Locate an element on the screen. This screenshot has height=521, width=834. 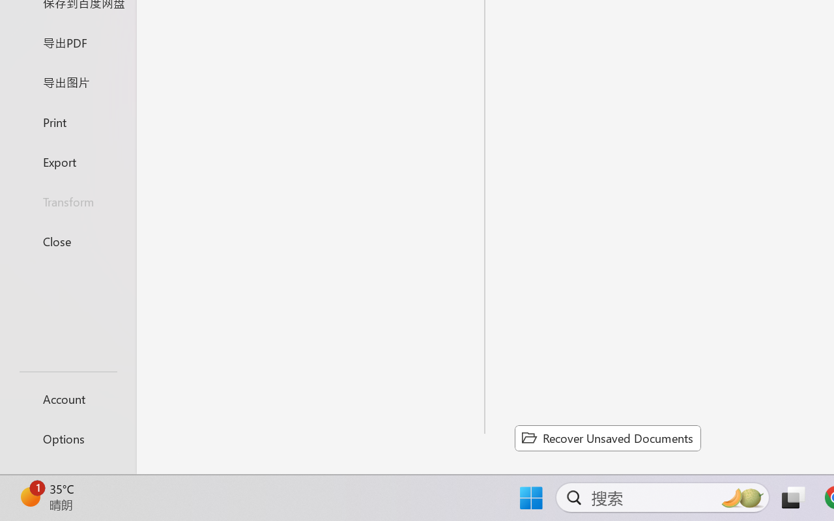
'Transform' is located at coordinates (67, 201).